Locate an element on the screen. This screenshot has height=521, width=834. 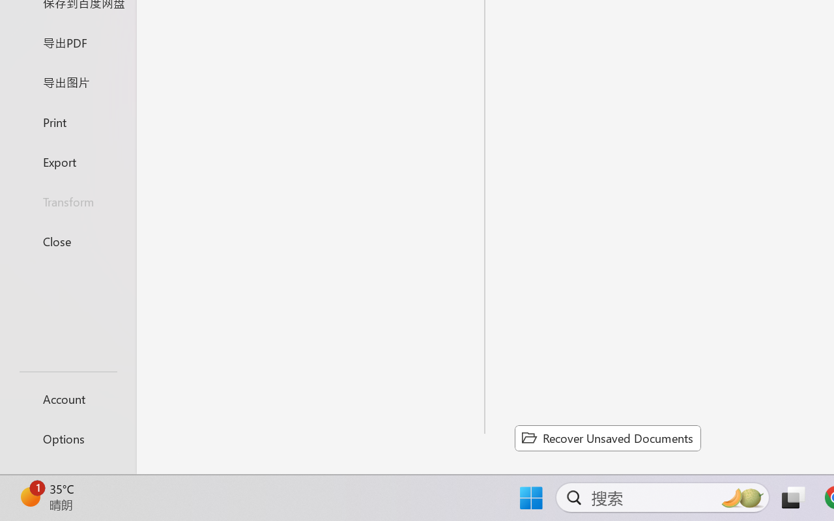
'Transform' is located at coordinates (67, 201).